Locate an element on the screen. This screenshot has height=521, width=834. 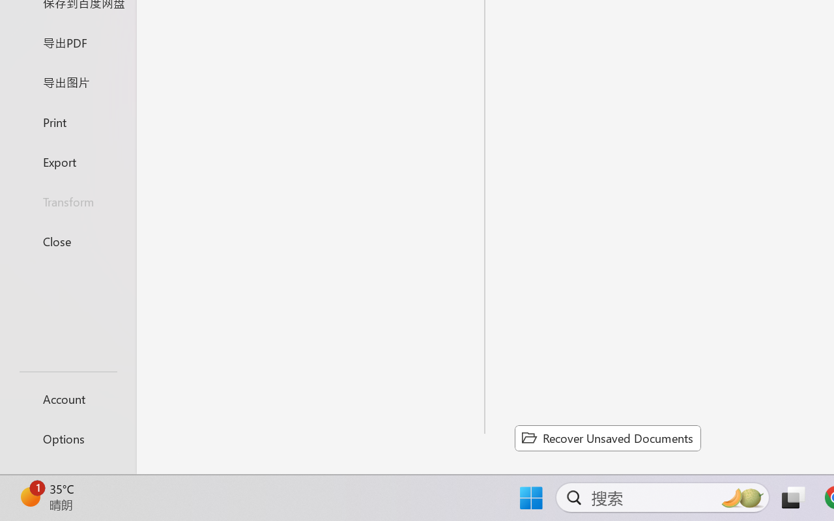
'Transform' is located at coordinates (67, 201).